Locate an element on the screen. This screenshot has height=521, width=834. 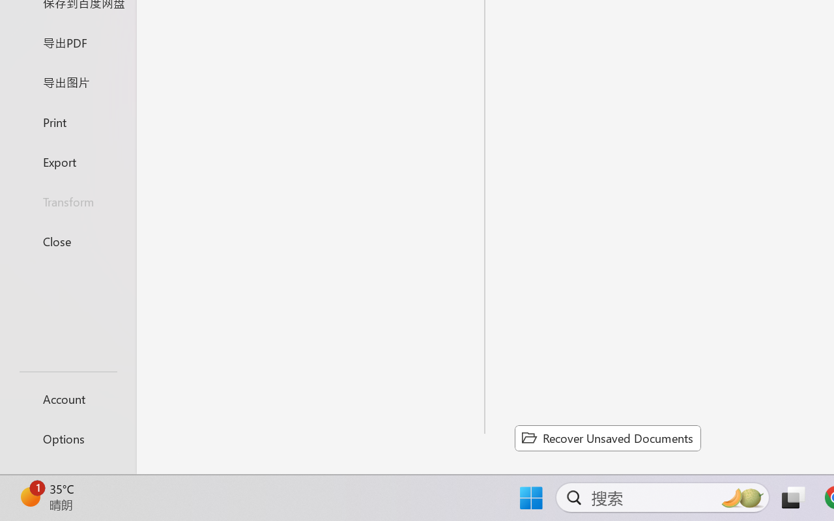
'Transform' is located at coordinates (67, 201).